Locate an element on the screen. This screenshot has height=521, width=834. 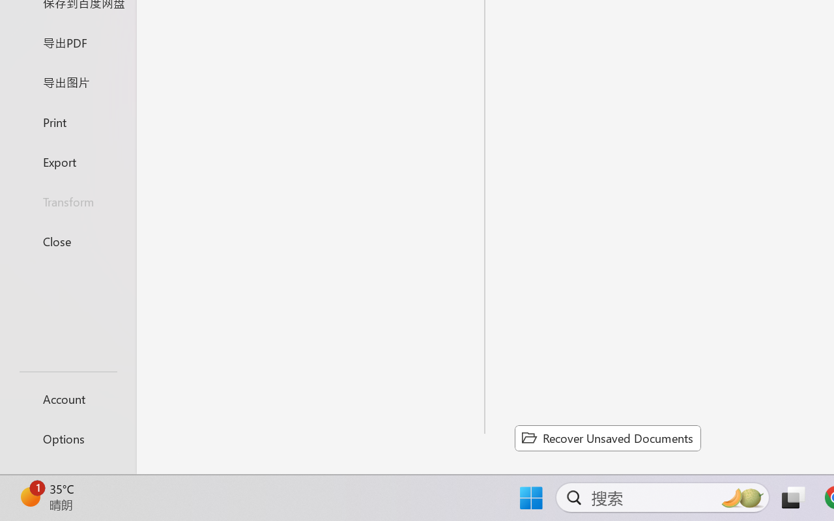
'Transform' is located at coordinates (67, 201).